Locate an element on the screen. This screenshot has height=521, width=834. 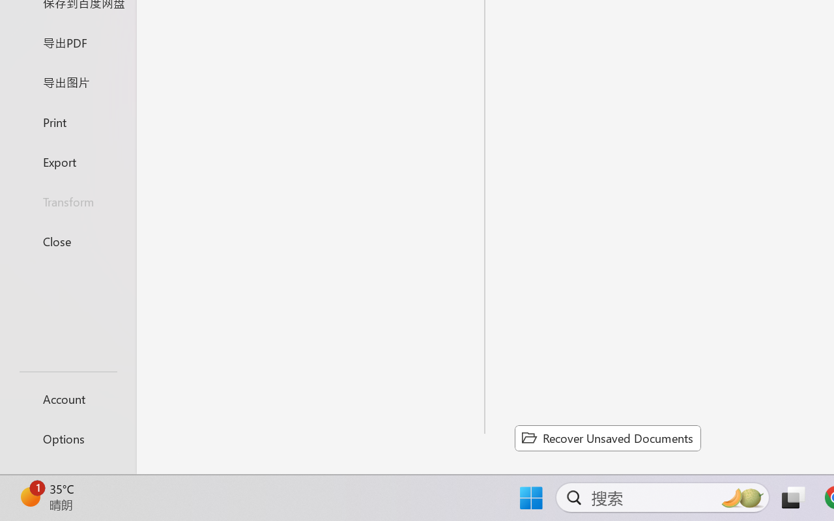
'Transform' is located at coordinates (67, 201).